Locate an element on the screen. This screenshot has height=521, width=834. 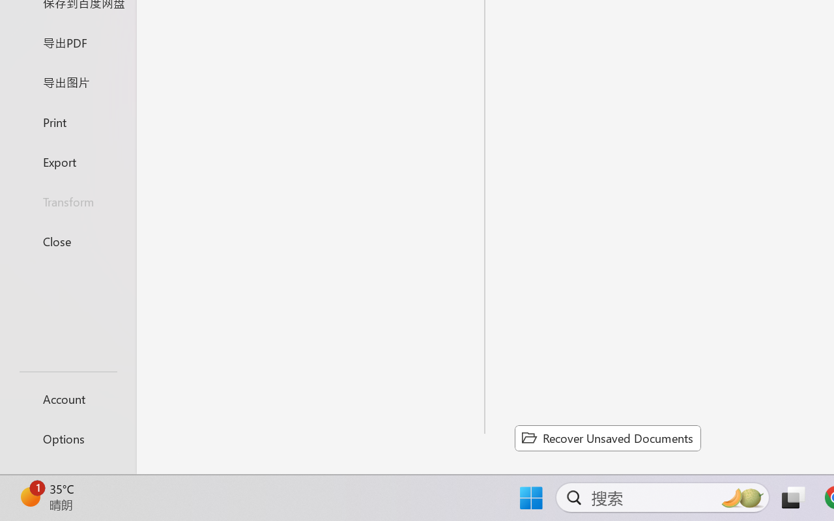
'Transform' is located at coordinates (67, 201).